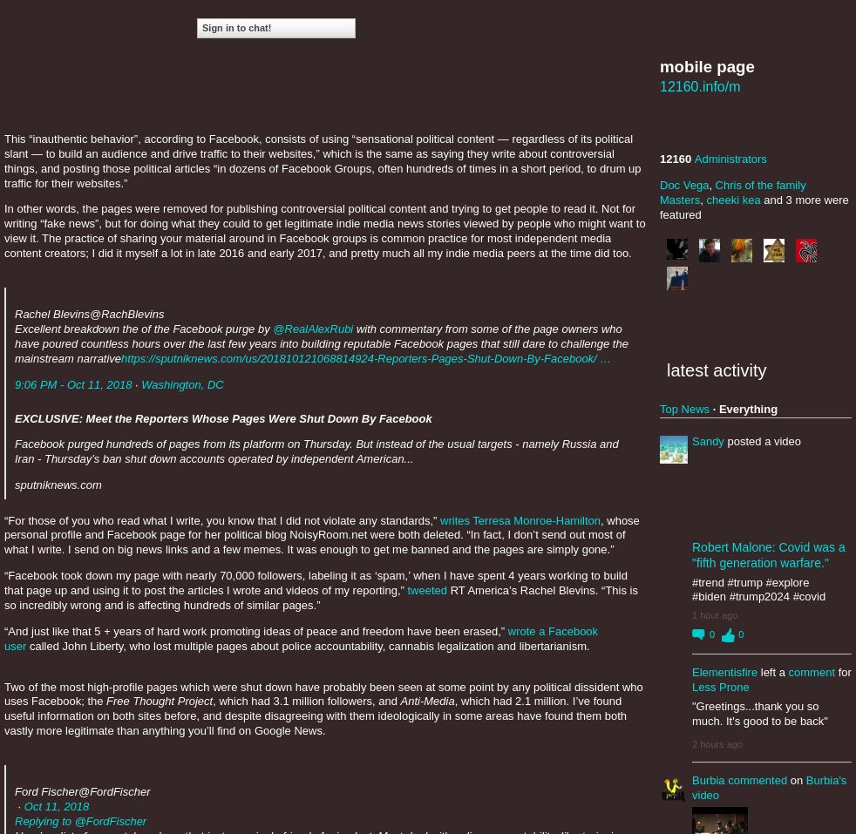  I want to click on '“And just like that 5 + years of hard work promoting ideas of peace and freedom have been erased,”', so click(255, 630).